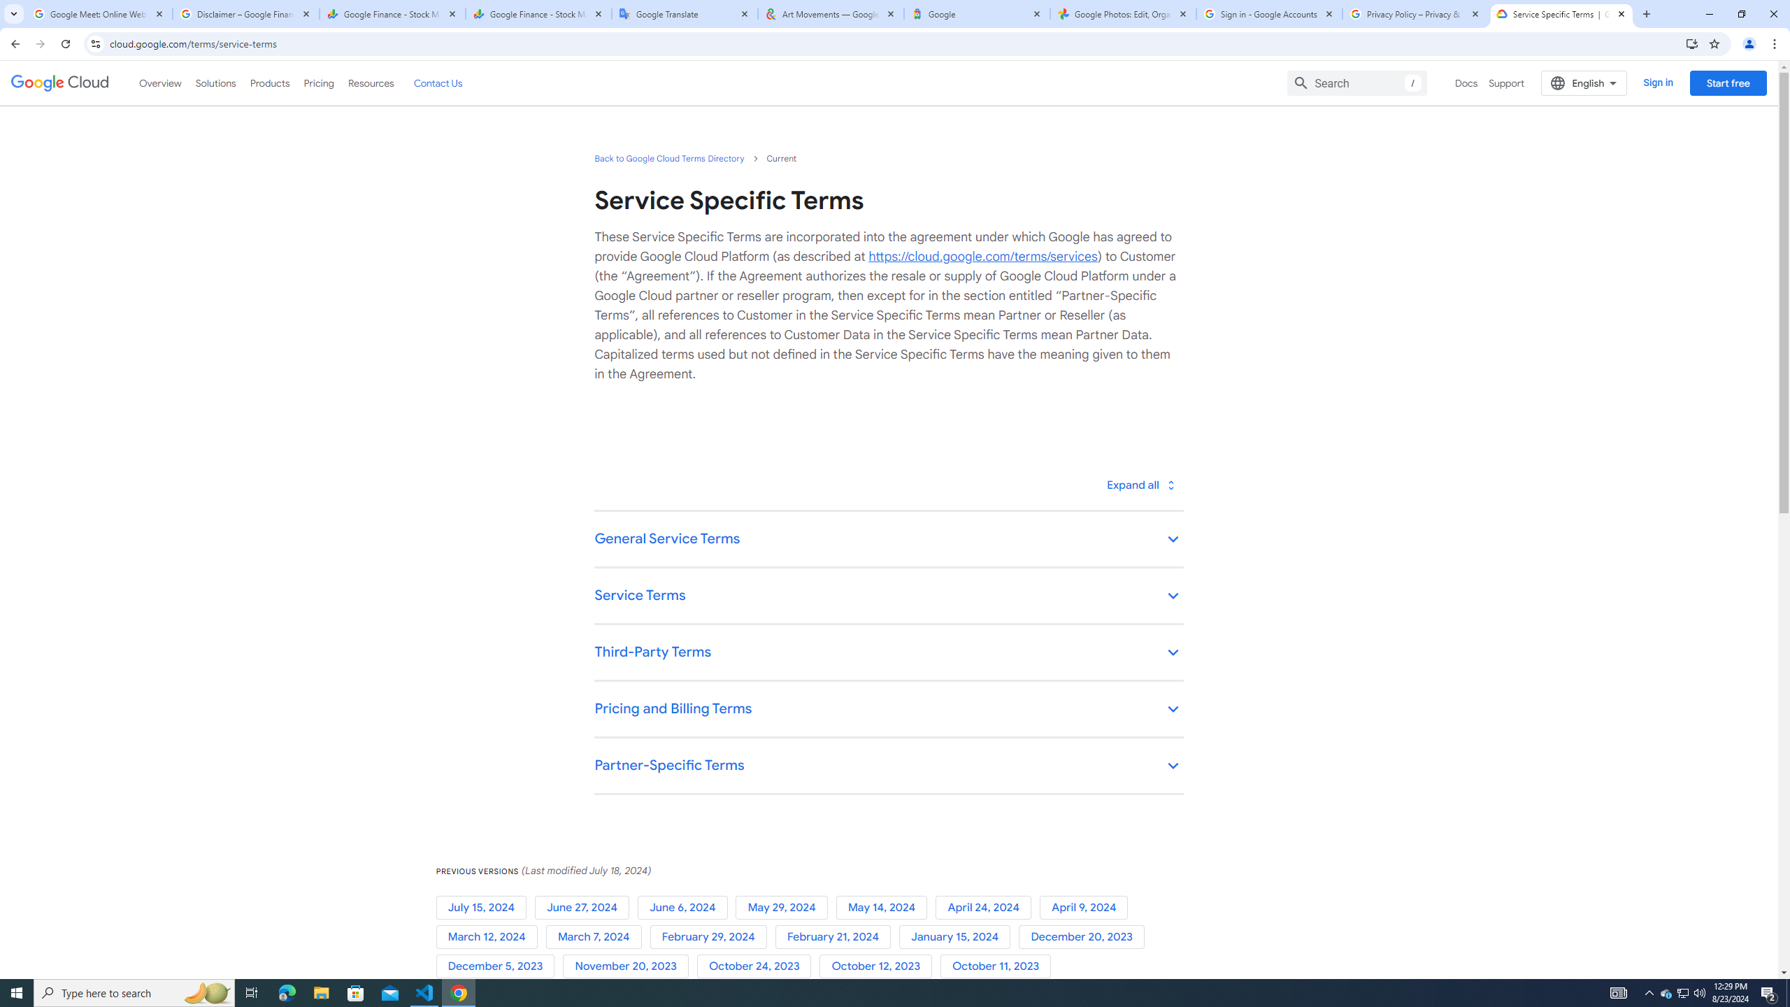 The width and height of the screenshot is (1790, 1007). What do you see at coordinates (1727, 83) in the screenshot?
I see `'Start free'` at bounding box center [1727, 83].